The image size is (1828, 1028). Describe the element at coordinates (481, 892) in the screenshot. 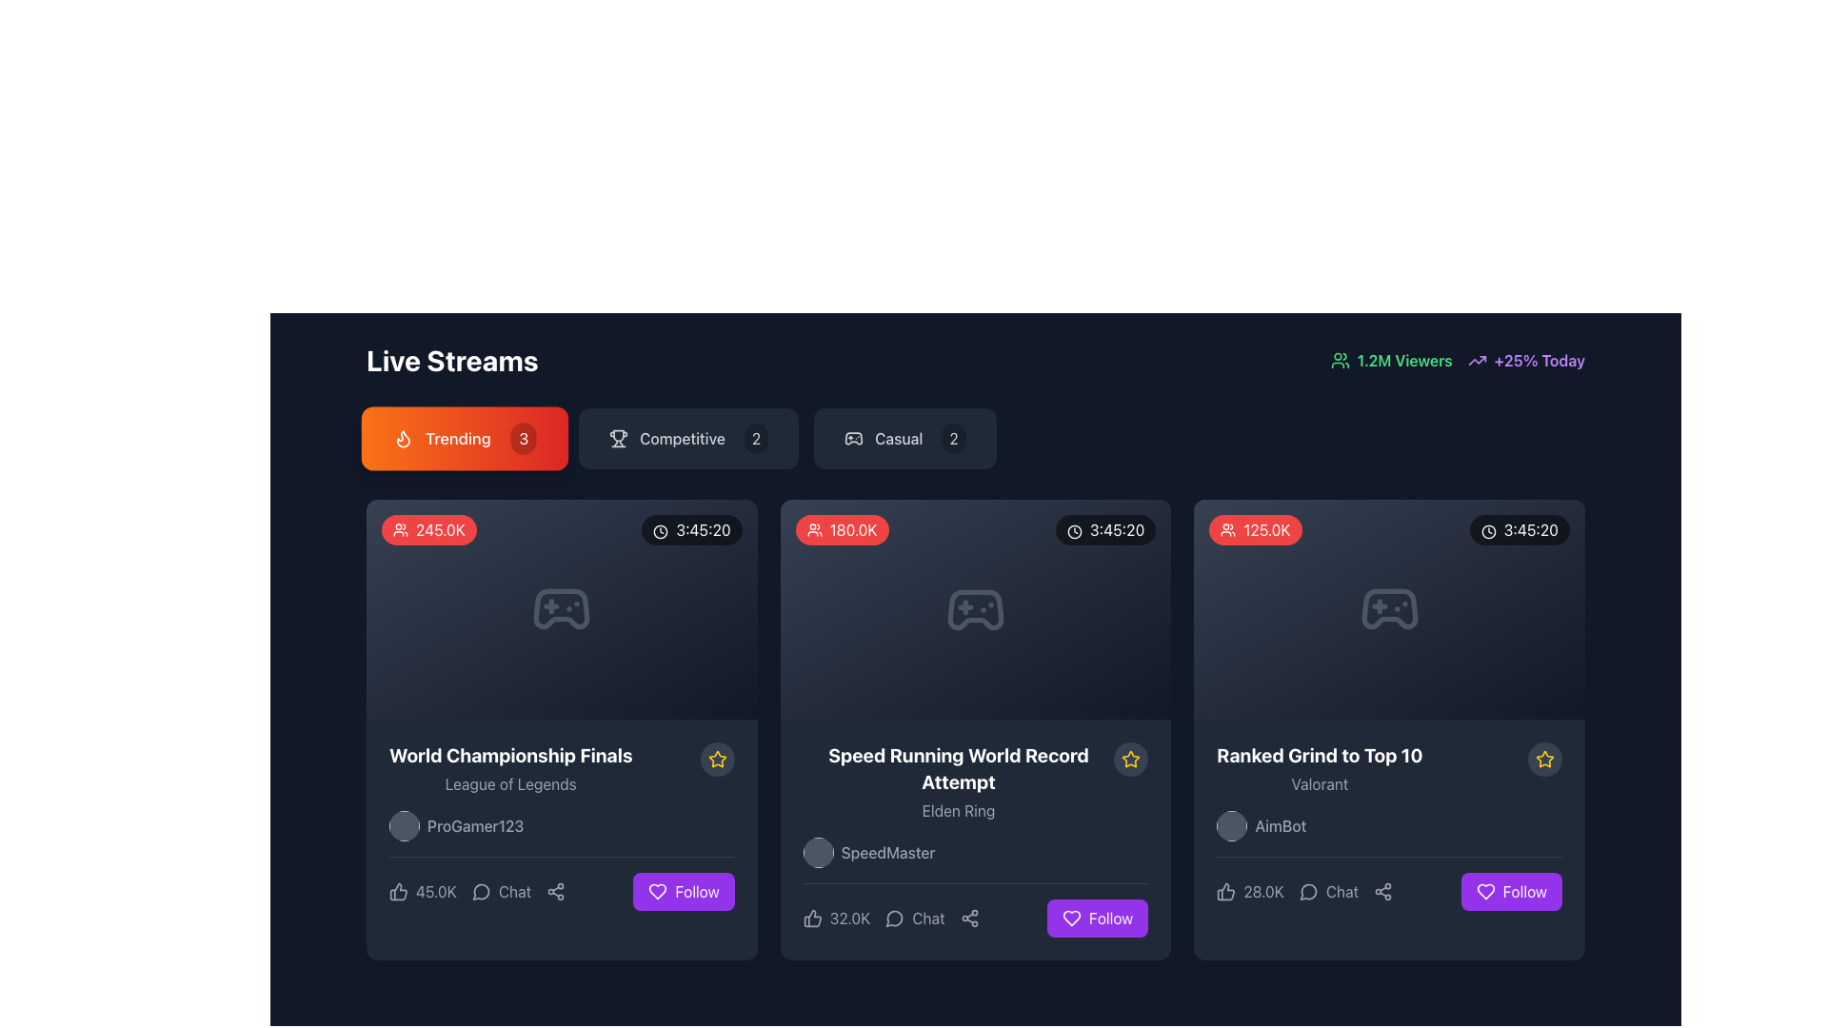

I see `the chat icon located within the 'World Championship Finals' card, positioned second from the left among action icons` at that location.